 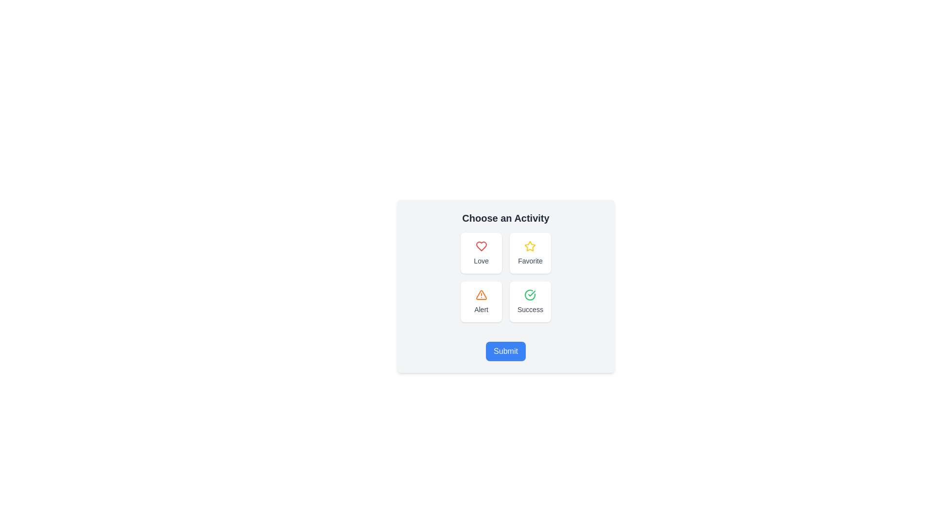 I want to click on the triangular warning sign icon outlined in orange, which contains an exclamation mark and is located at the top-center of the 'Alert' option, so click(x=481, y=294).